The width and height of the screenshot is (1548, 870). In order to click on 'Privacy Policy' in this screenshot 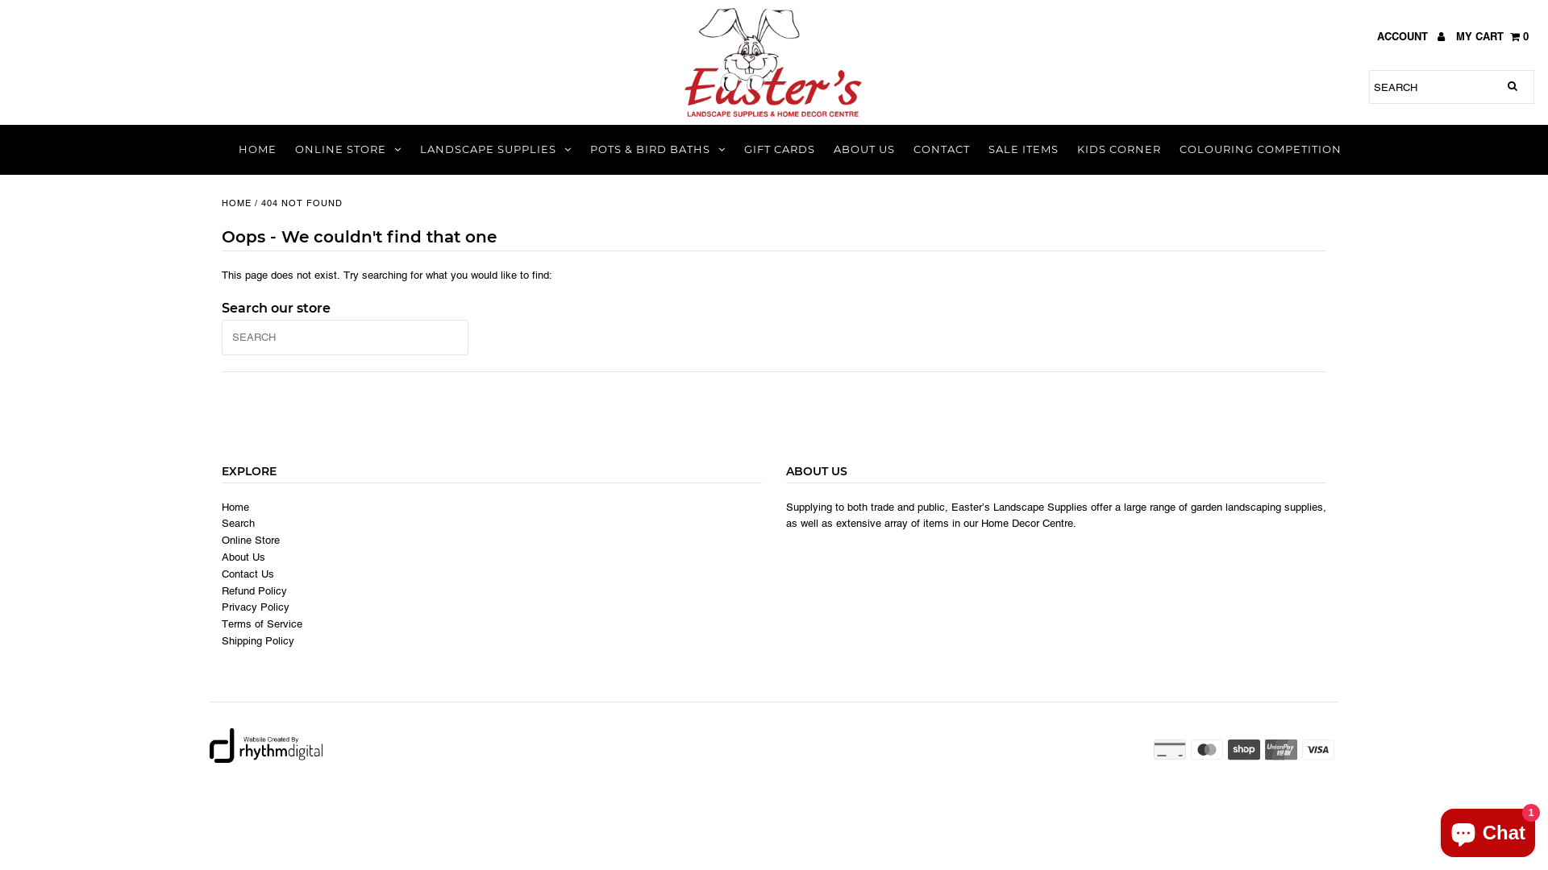, I will do `click(220, 607)`.